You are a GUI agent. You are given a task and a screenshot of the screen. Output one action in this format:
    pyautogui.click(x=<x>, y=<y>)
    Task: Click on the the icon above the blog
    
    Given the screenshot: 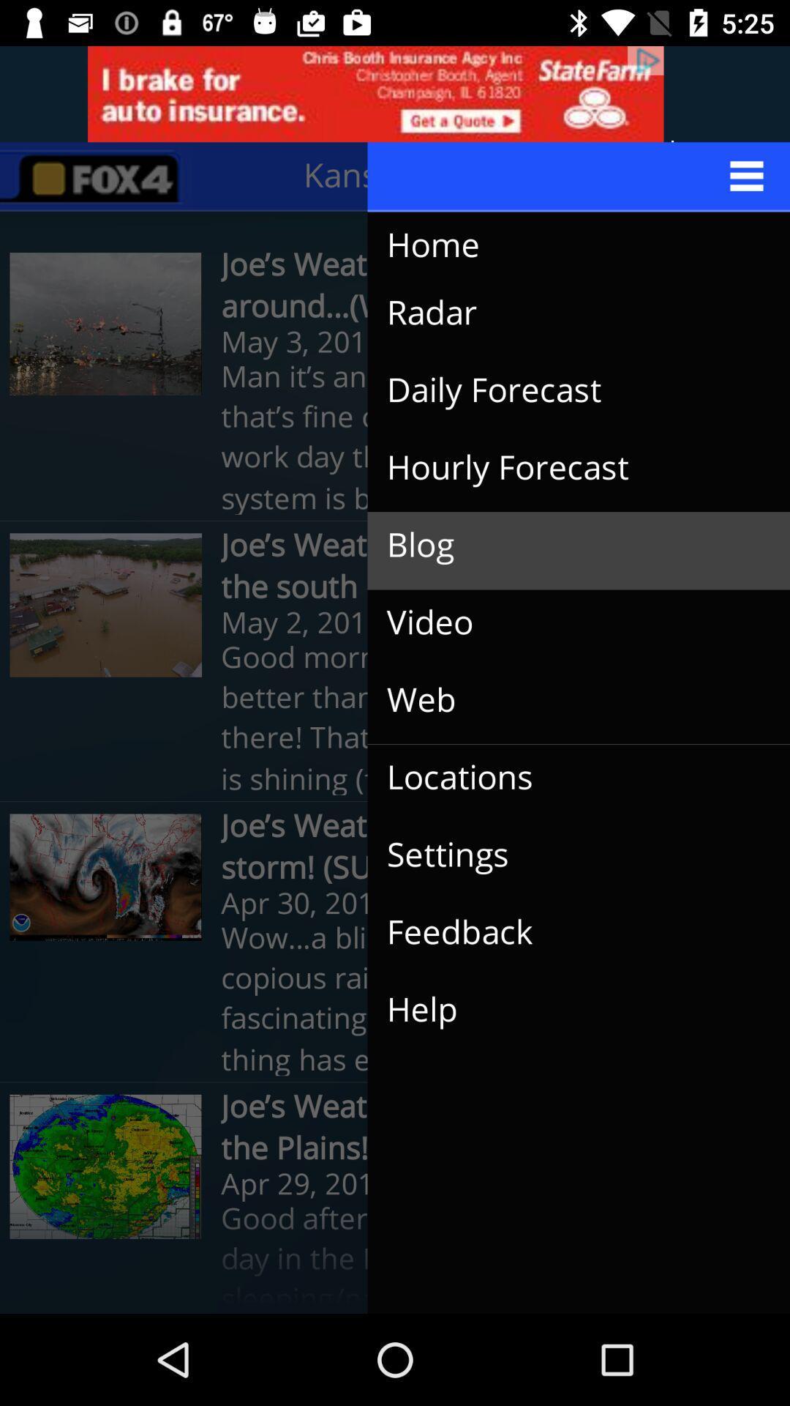 What is the action you would take?
    pyautogui.click(x=566, y=467)
    